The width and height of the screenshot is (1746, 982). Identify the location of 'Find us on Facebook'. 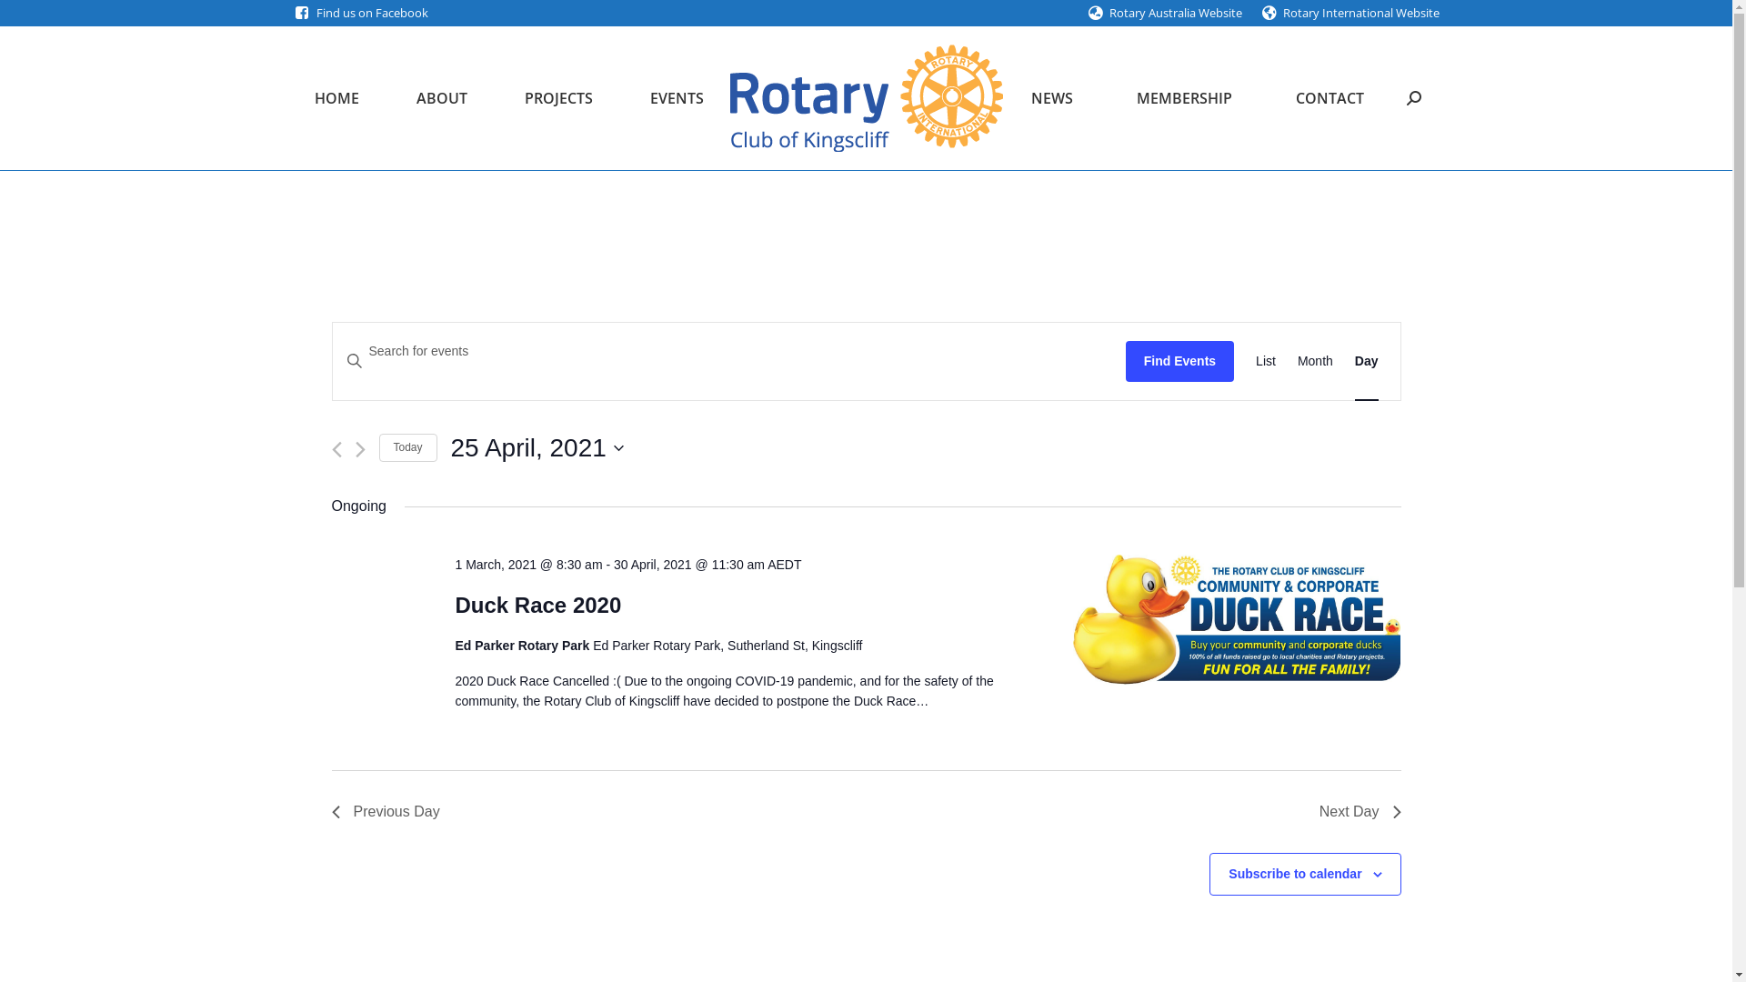
(371, 13).